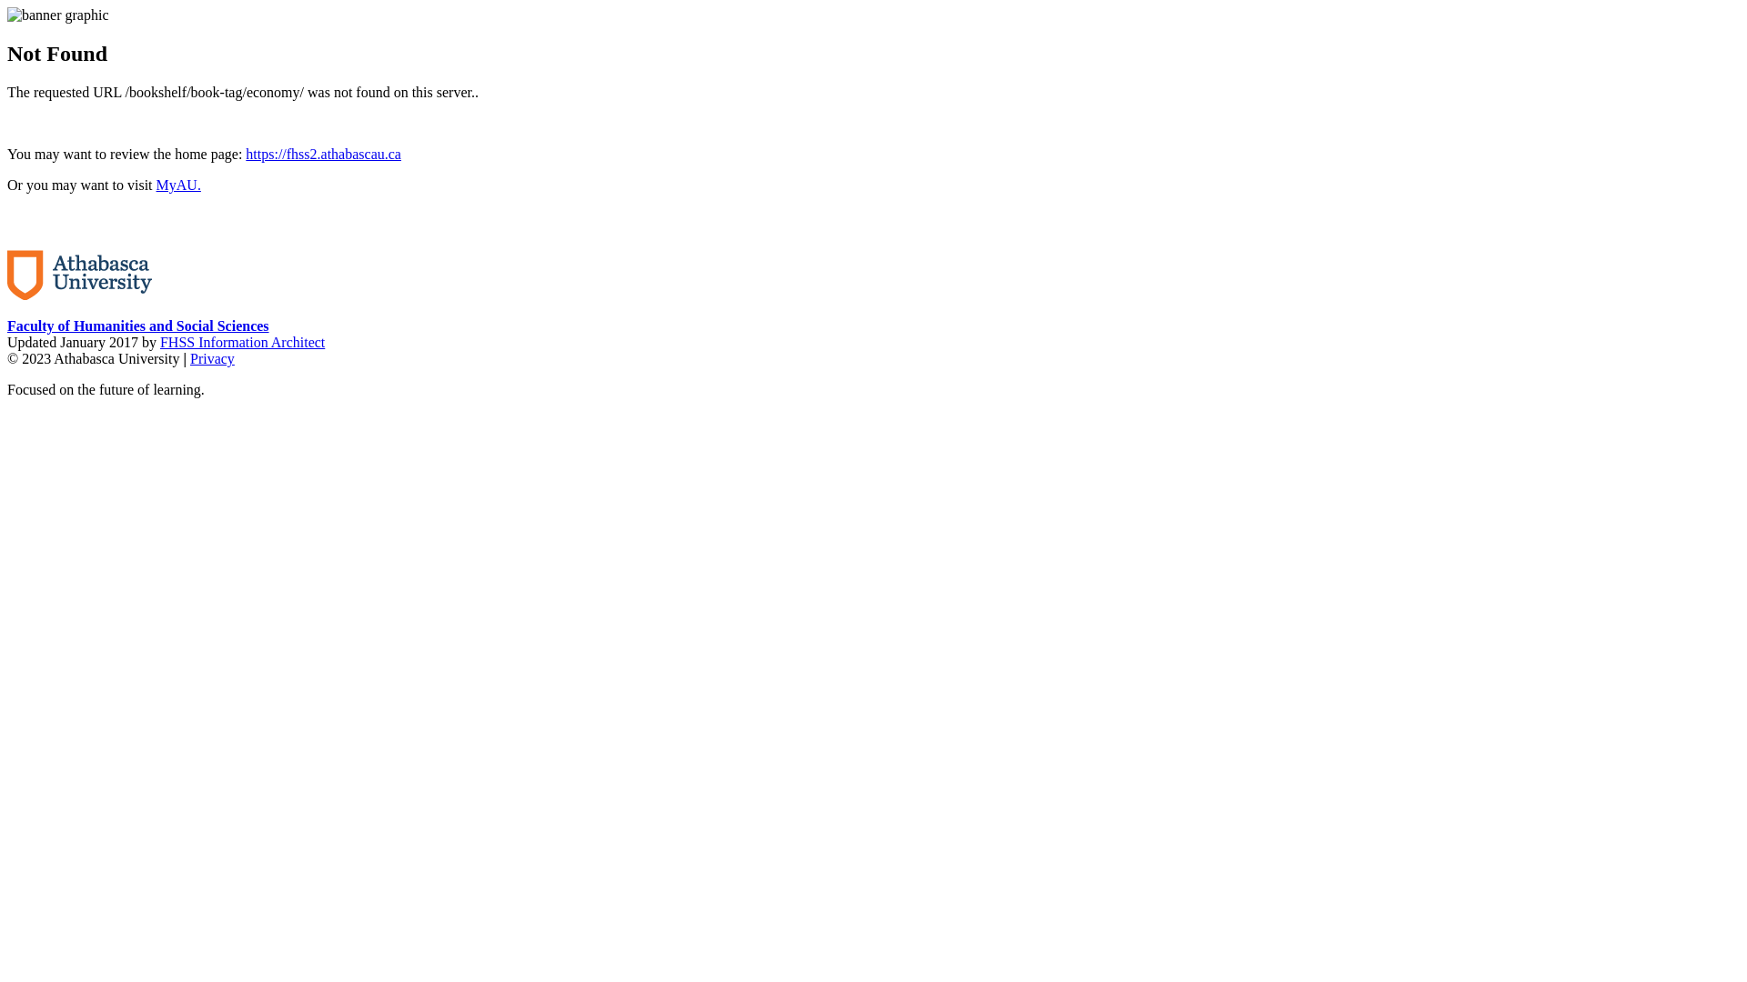  I want to click on 'https://fhss2.athabascau.ca', so click(323, 153).